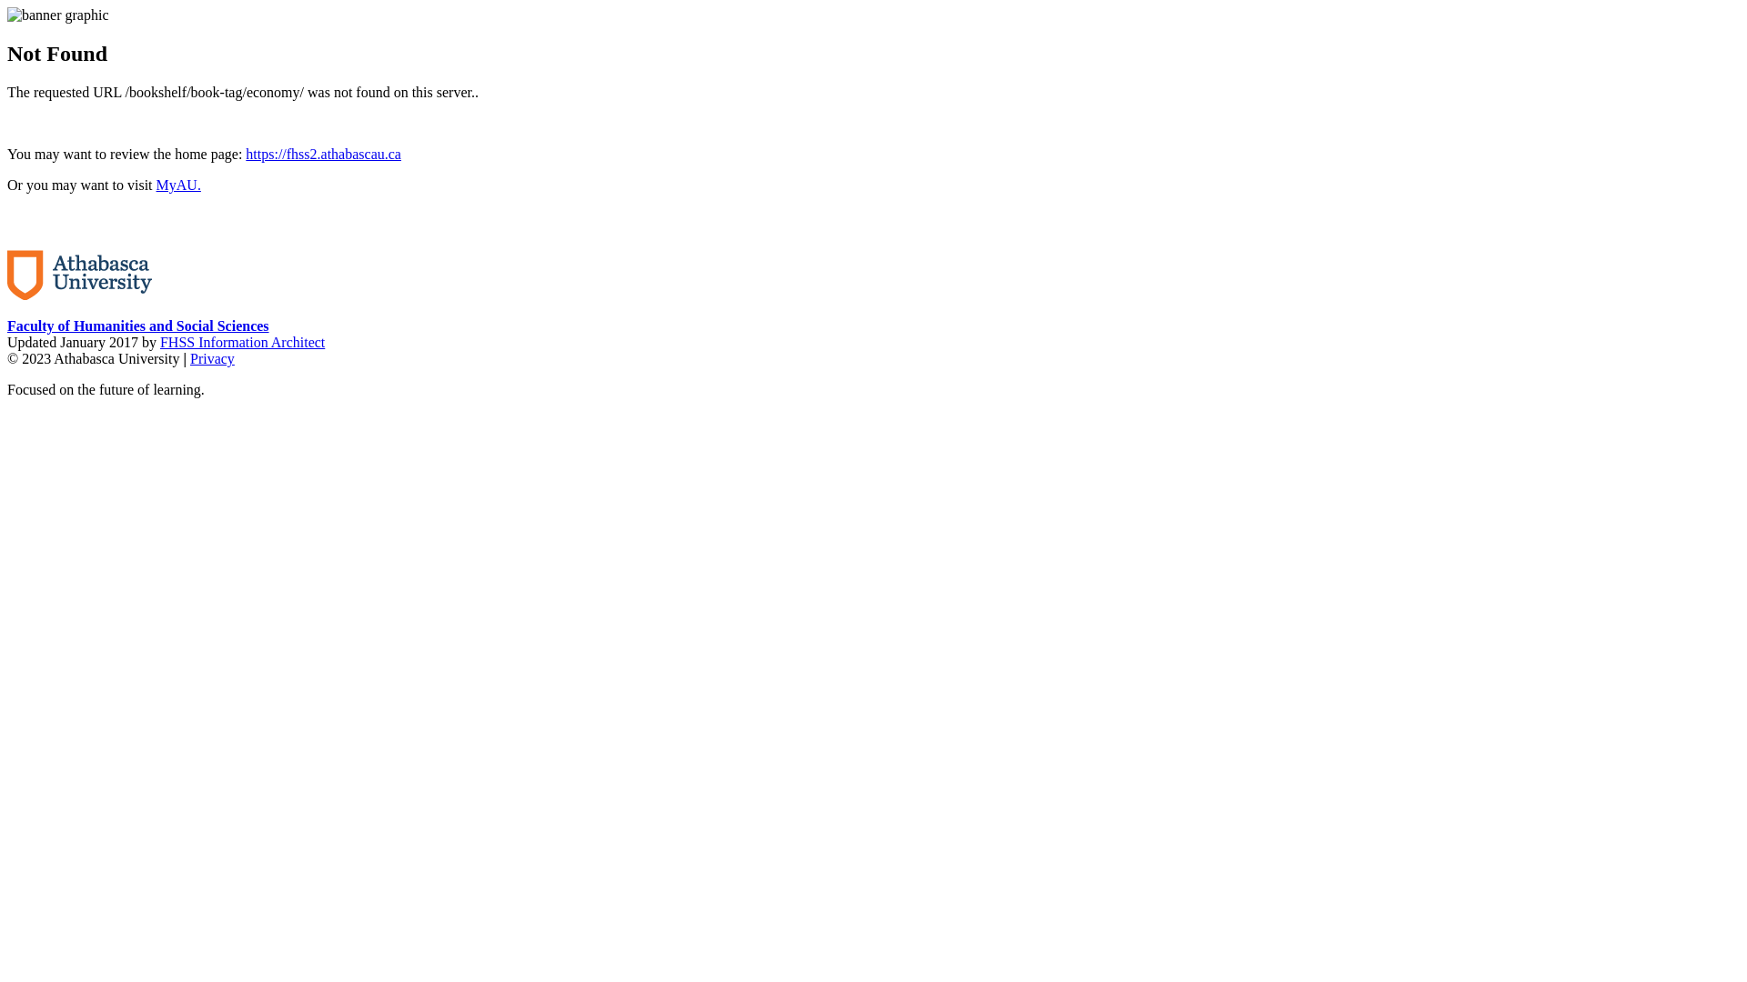  I want to click on 'https://fhss2.athabascau.ca', so click(323, 153).